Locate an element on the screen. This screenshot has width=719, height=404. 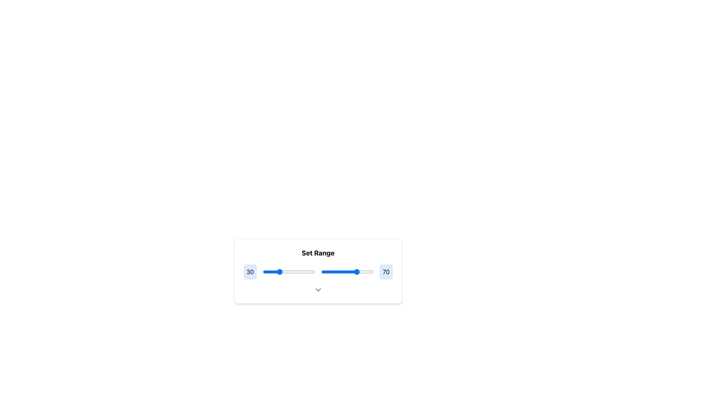
the slider value is located at coordinates (343, 272).